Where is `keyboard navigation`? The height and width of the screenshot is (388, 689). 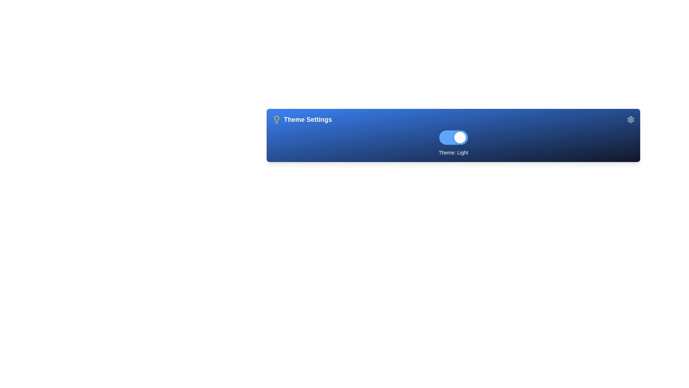
keyboard navigation is located at coordinates (630, 119).